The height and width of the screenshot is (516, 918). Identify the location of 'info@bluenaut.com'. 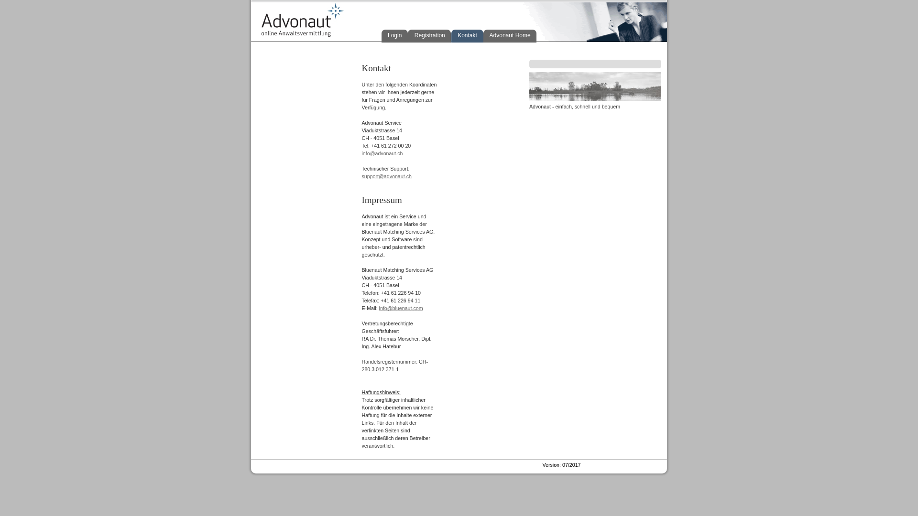
(401, 308).